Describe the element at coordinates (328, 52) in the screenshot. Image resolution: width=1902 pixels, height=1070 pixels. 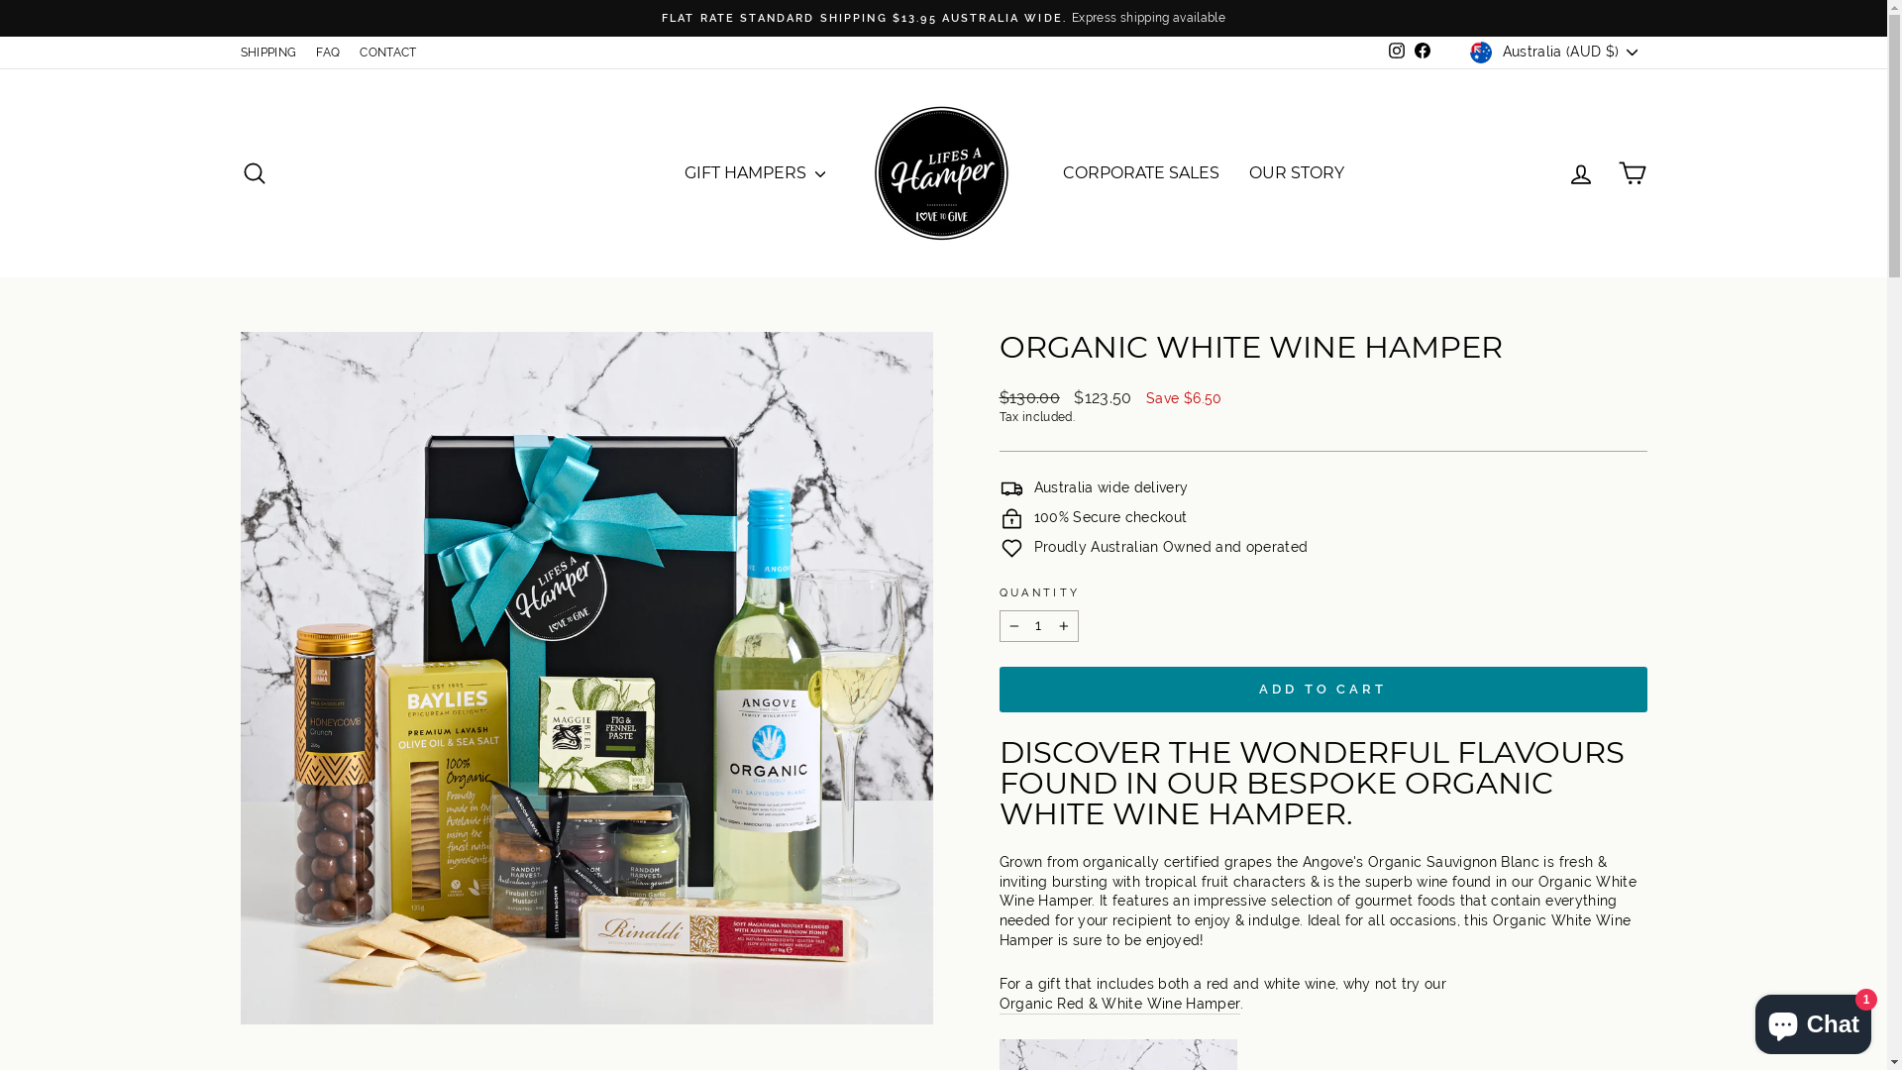
I see `'FAQ'` at that location.